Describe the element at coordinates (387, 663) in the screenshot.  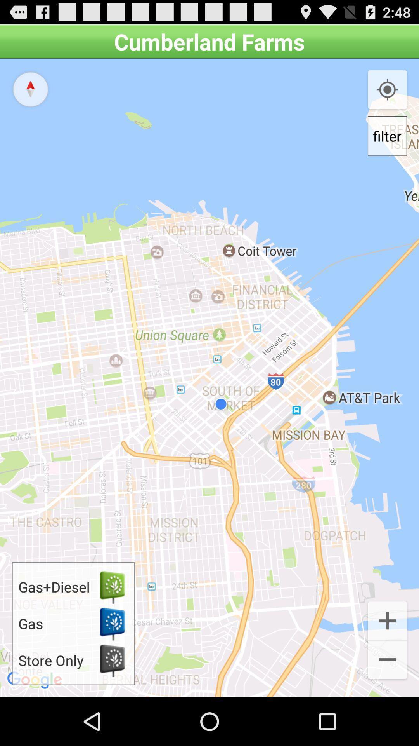
I see `the add icon` at that location.